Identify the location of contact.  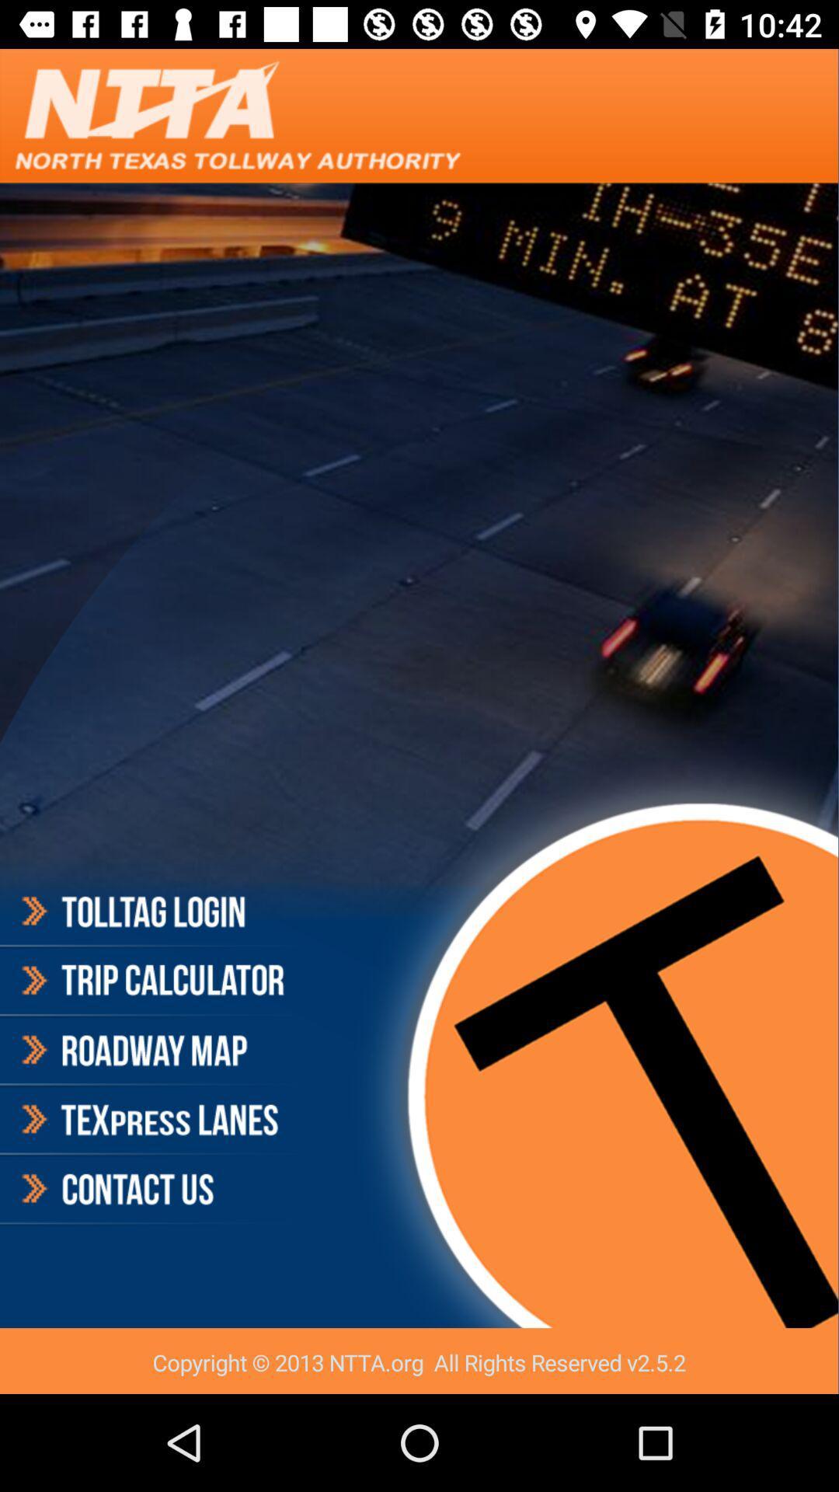
(151, 1188).